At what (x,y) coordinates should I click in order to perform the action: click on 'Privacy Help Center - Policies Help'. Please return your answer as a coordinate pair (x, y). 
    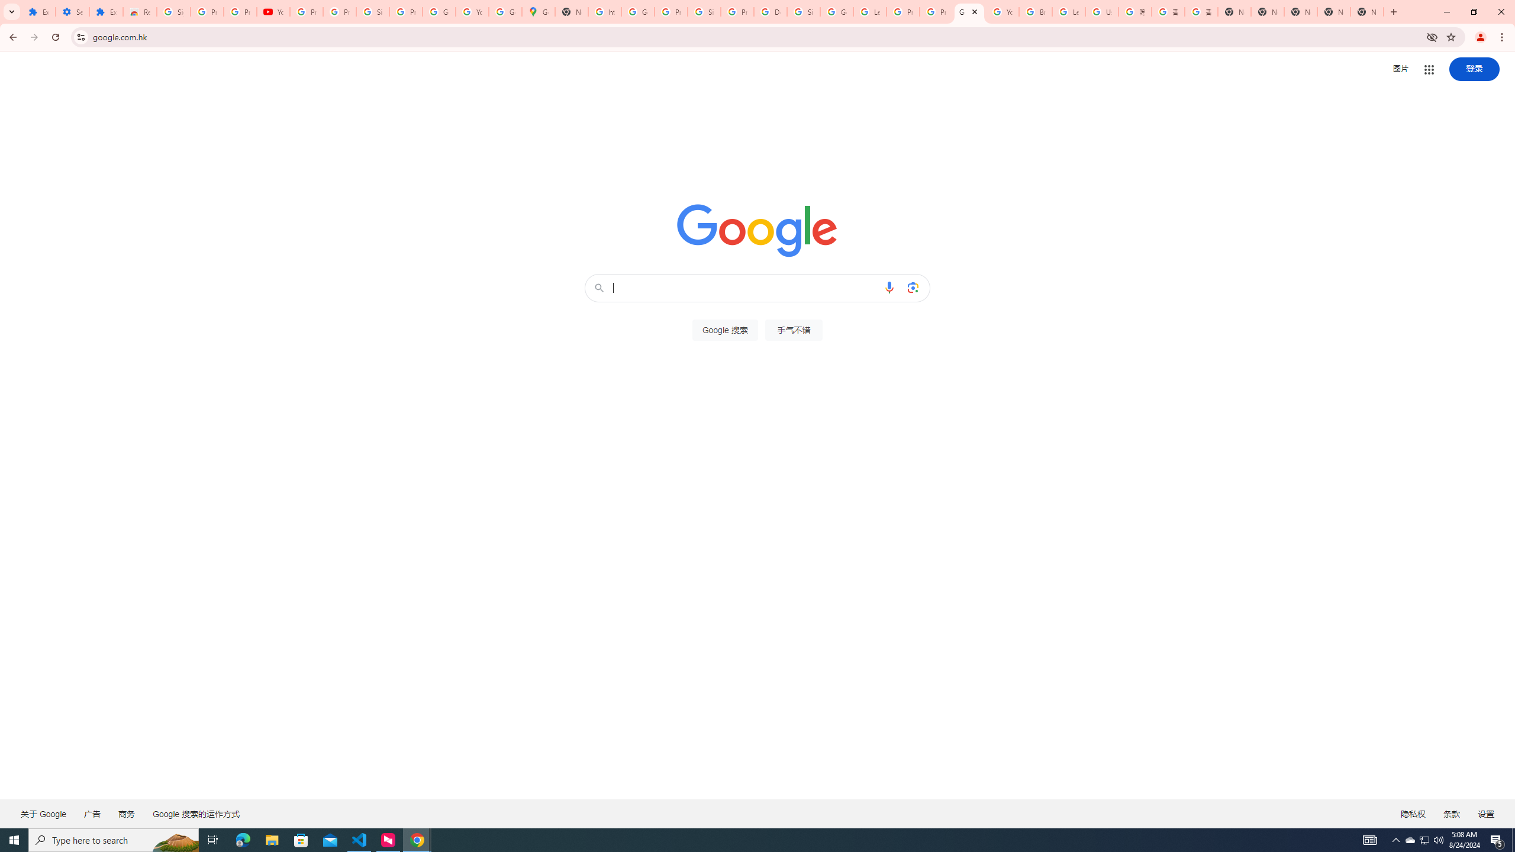
    Looking at the image, I should click on (903, 11).